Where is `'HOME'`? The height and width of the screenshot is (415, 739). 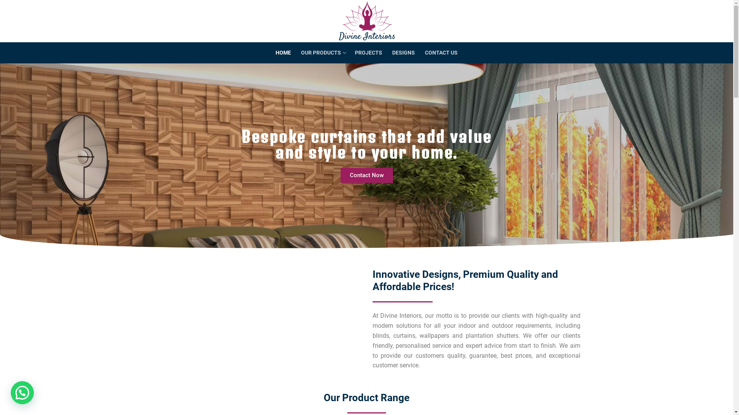
'HOME' is located at coordinates (283, 53).